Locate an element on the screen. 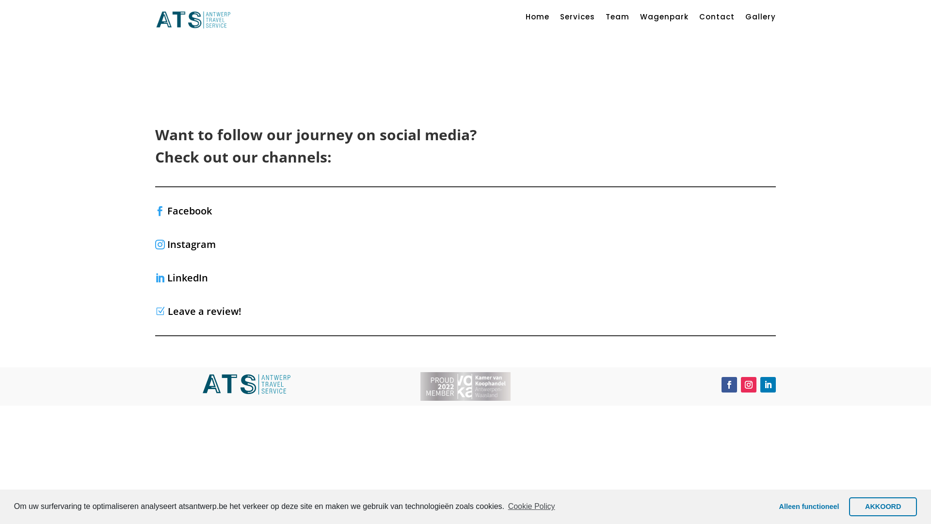 This screenshot has height=524, width=931. 'Services' is located at coordinates (577, 18).